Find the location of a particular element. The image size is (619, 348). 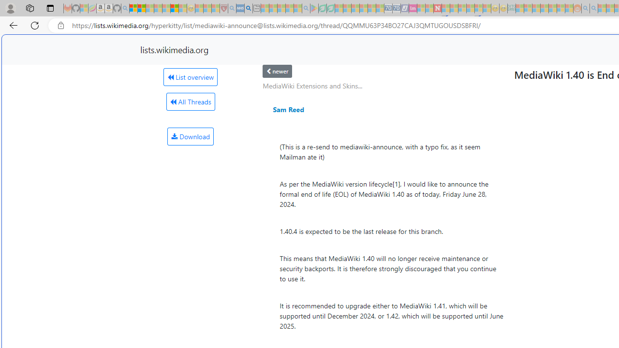

'Pets - MSN - Sleeping' is located at coordinates (289, 8).